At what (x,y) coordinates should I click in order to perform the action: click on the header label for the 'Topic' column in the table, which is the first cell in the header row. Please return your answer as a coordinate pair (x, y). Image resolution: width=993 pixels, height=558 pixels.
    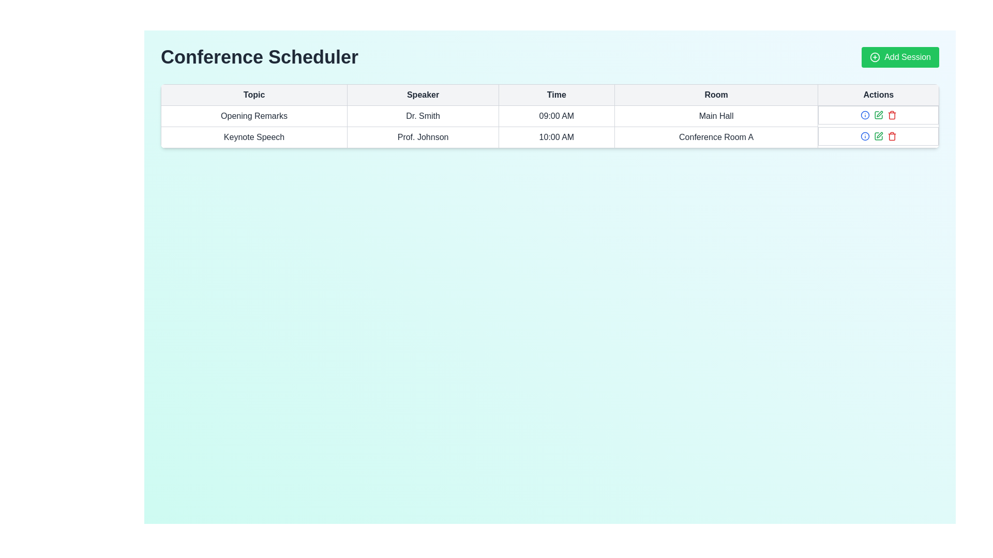
    Looking at the image, I should click on (254, 95).